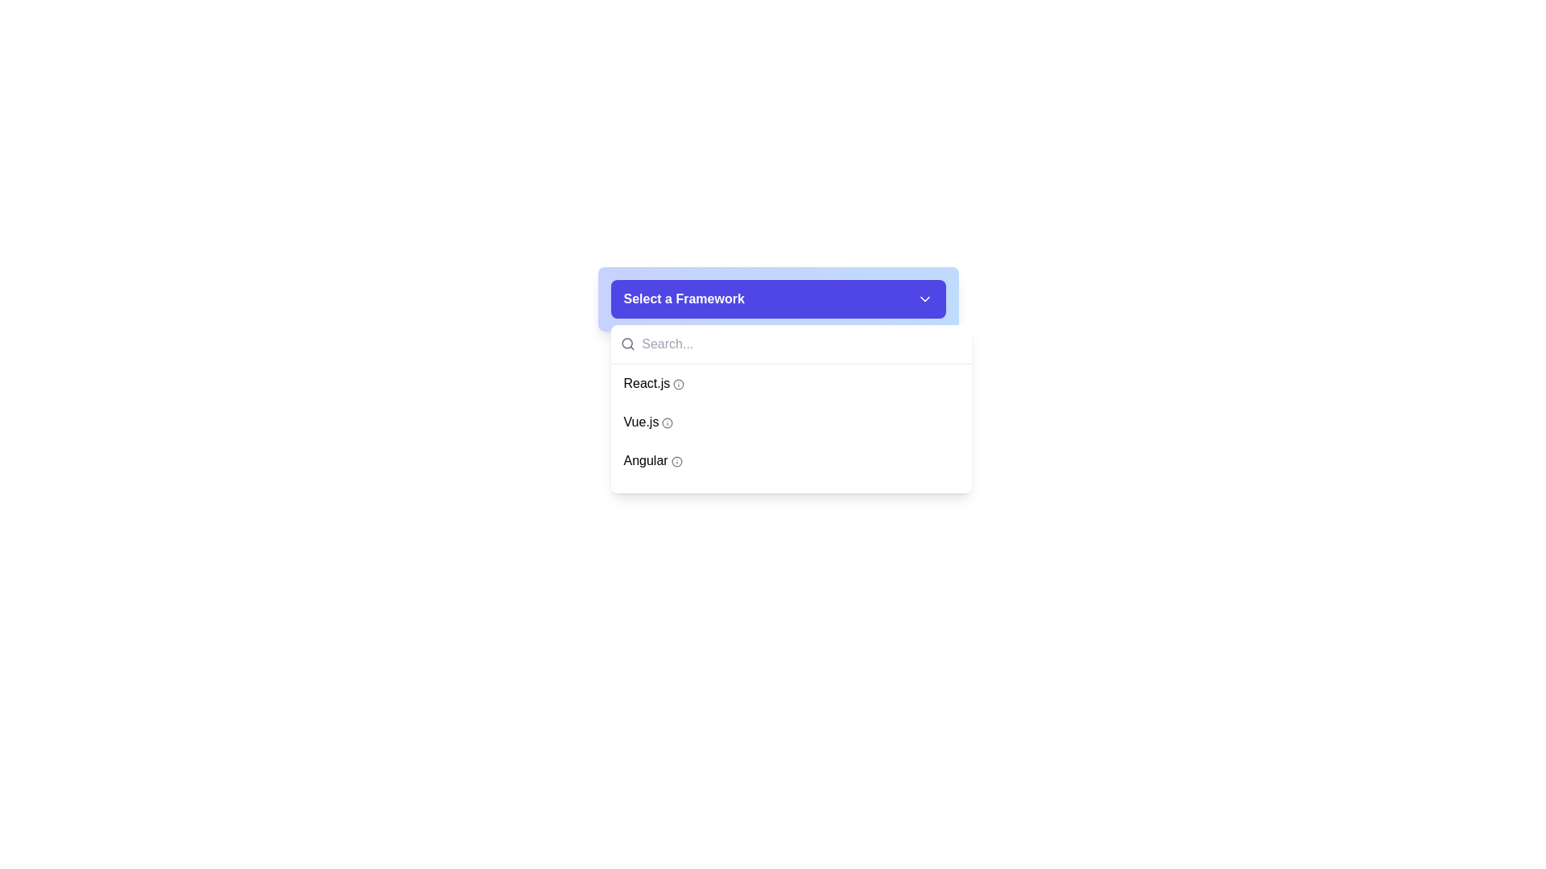 The height and width of the screenshot is (869, 1546). Describe the element at coordinates (626, 344) in the screenshot. I see `the search icon located to the left of the 'Search...' input field in the dropdown interface` at that location.